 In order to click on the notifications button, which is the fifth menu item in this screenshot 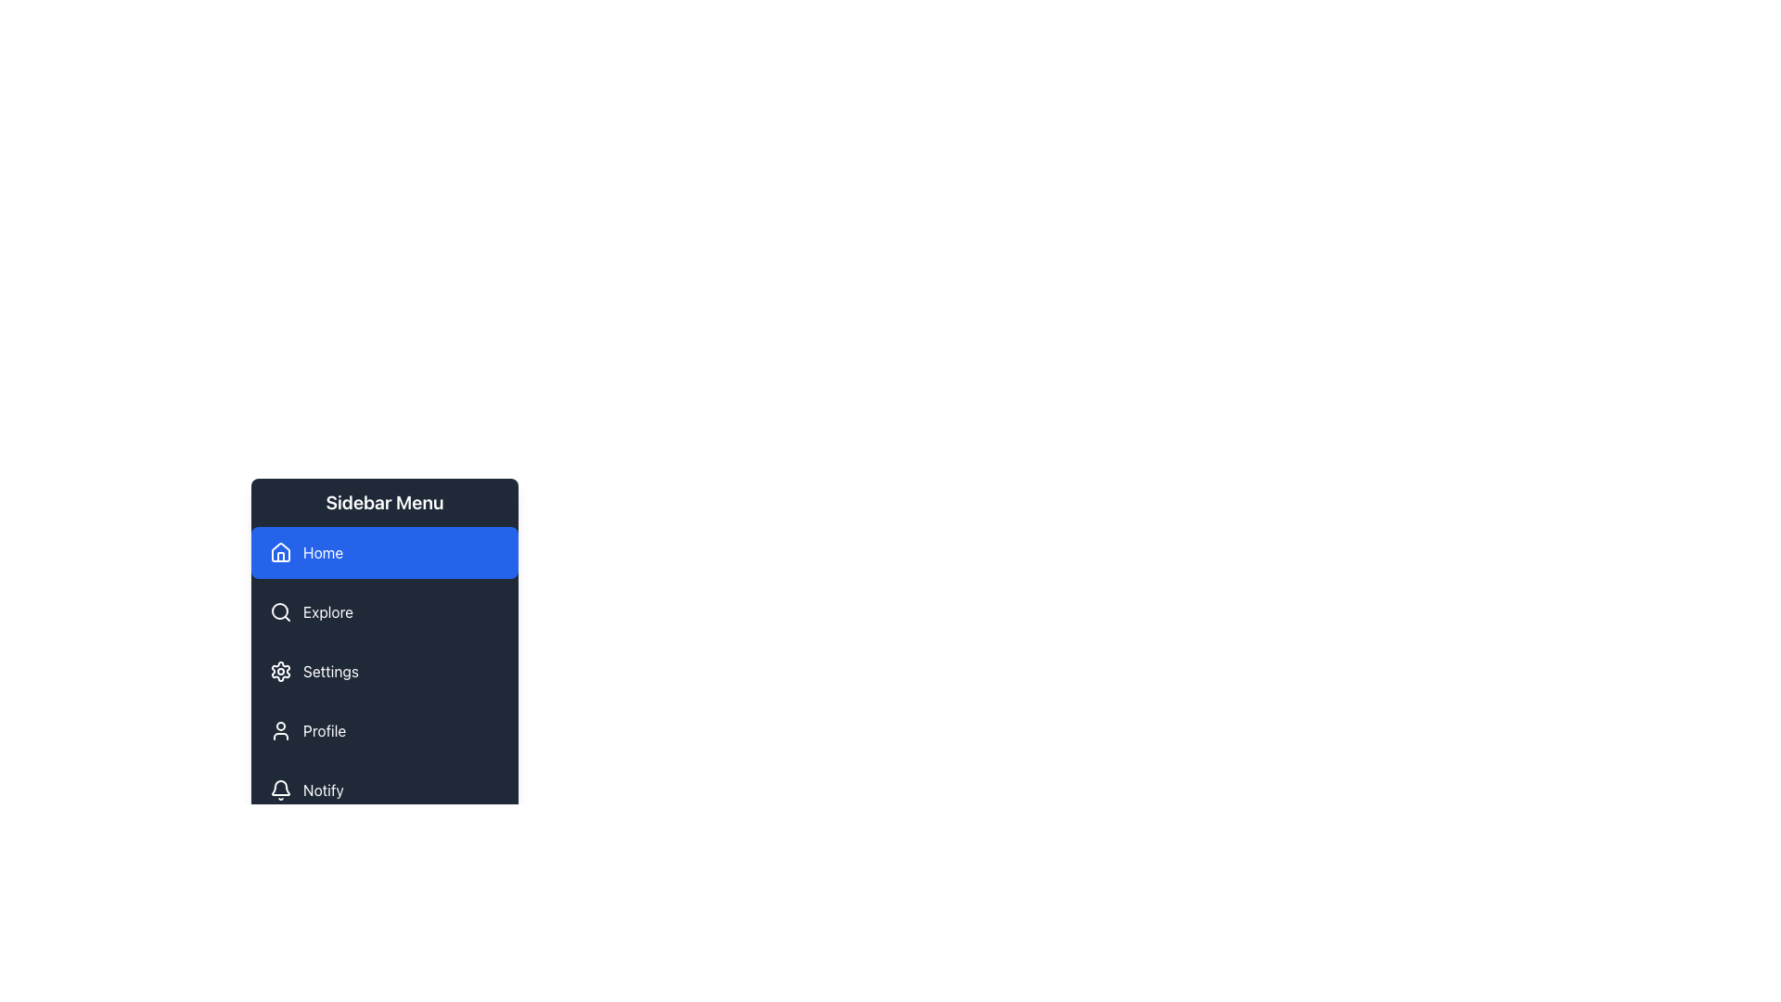, I will do `click(383, 790)`.